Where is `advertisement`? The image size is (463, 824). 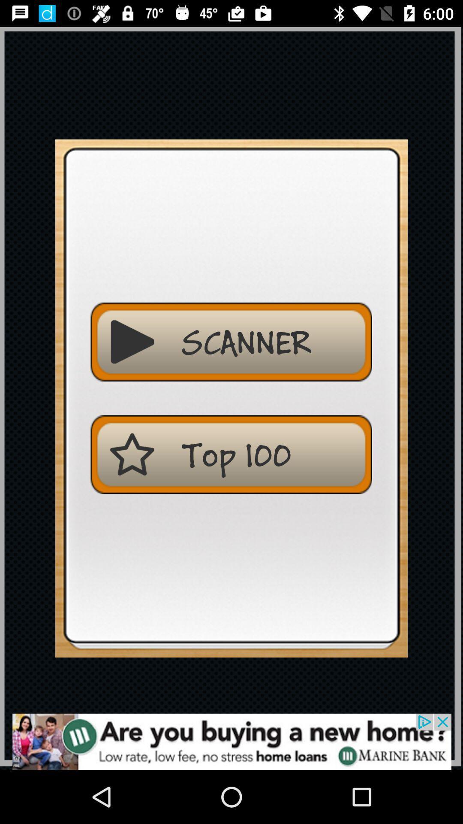 advertisement is located at coordinates (231, 741).